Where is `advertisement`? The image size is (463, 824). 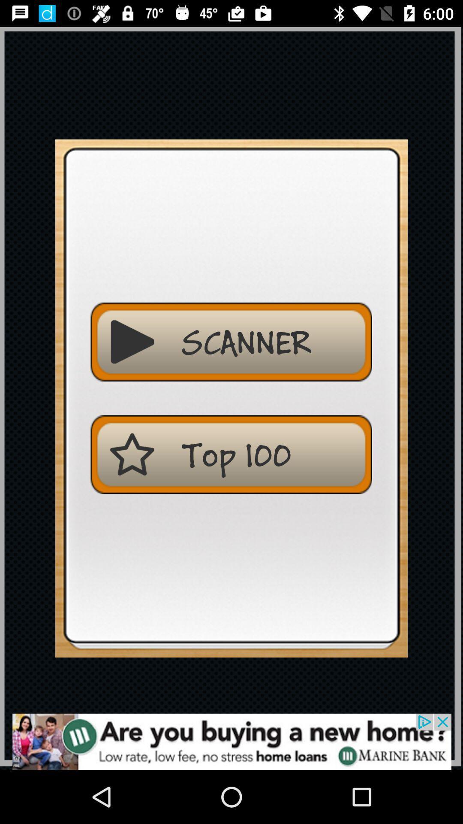 advertisement is located at coordinates (231, 741).